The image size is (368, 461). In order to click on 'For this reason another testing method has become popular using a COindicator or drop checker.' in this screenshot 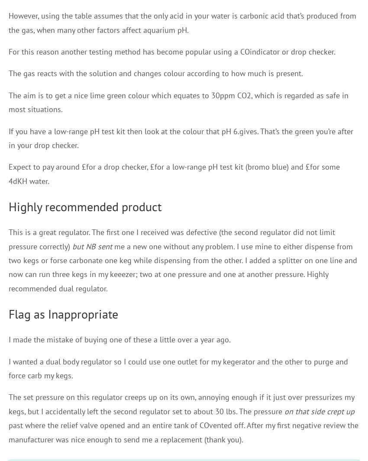, I will do `click(172, 51)`.